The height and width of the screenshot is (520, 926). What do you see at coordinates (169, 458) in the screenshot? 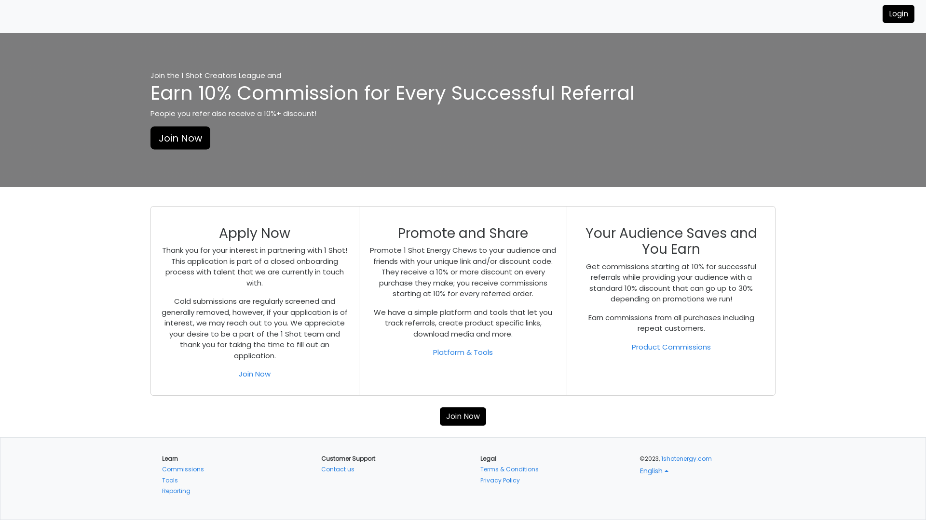
I see `'Tools'` at bounding box center [169, 458].